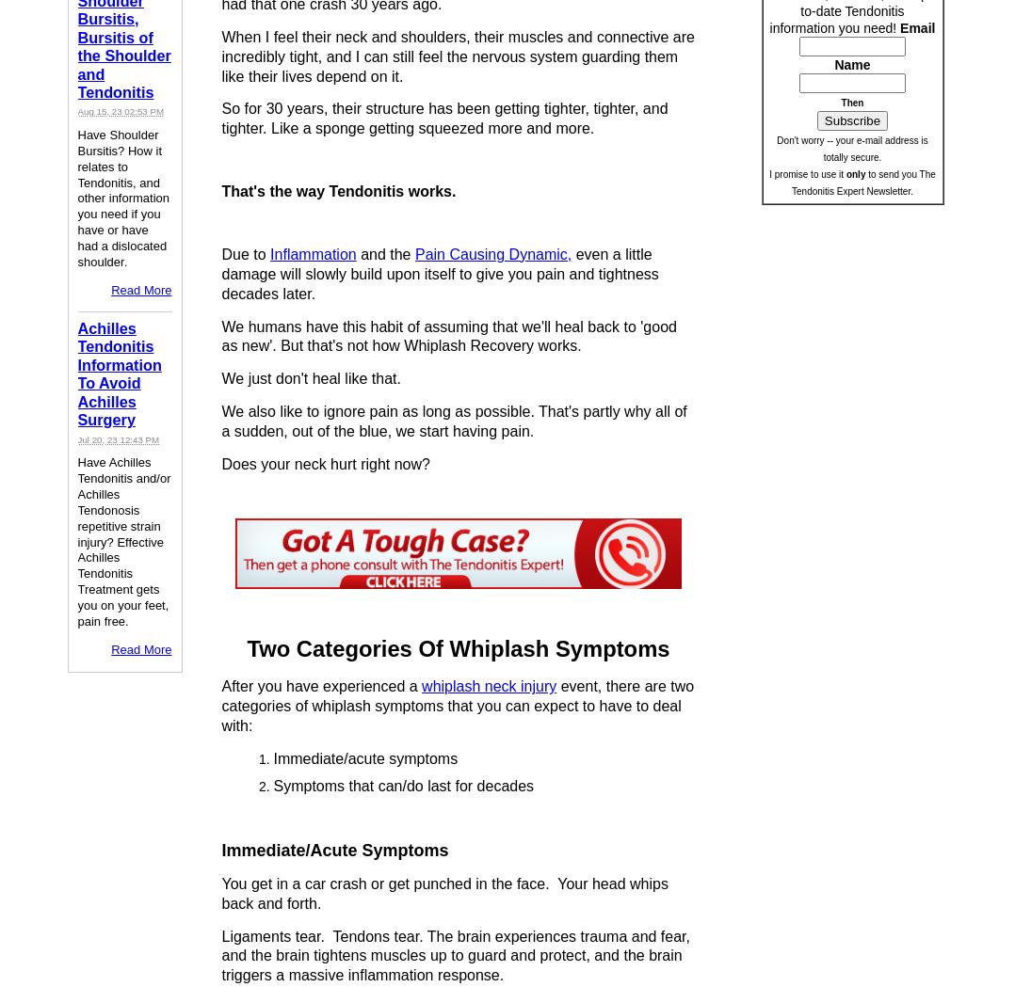  Describe the element at coordinates (854, 172) in the screenshot. I see `'only'` at that location.